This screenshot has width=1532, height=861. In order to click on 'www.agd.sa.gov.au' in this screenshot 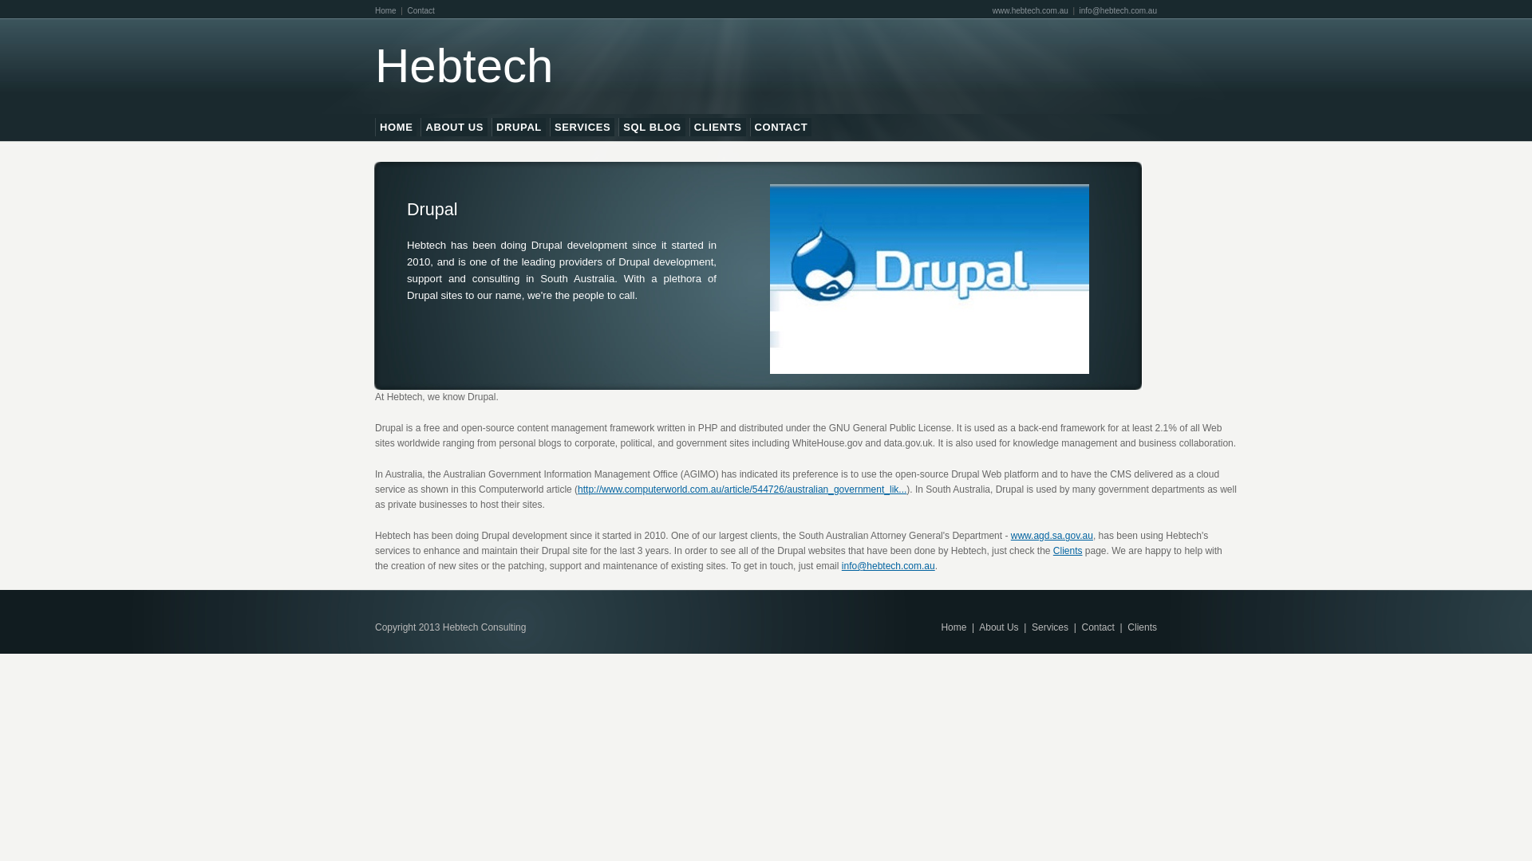, I will do `click(1052, 535)`.